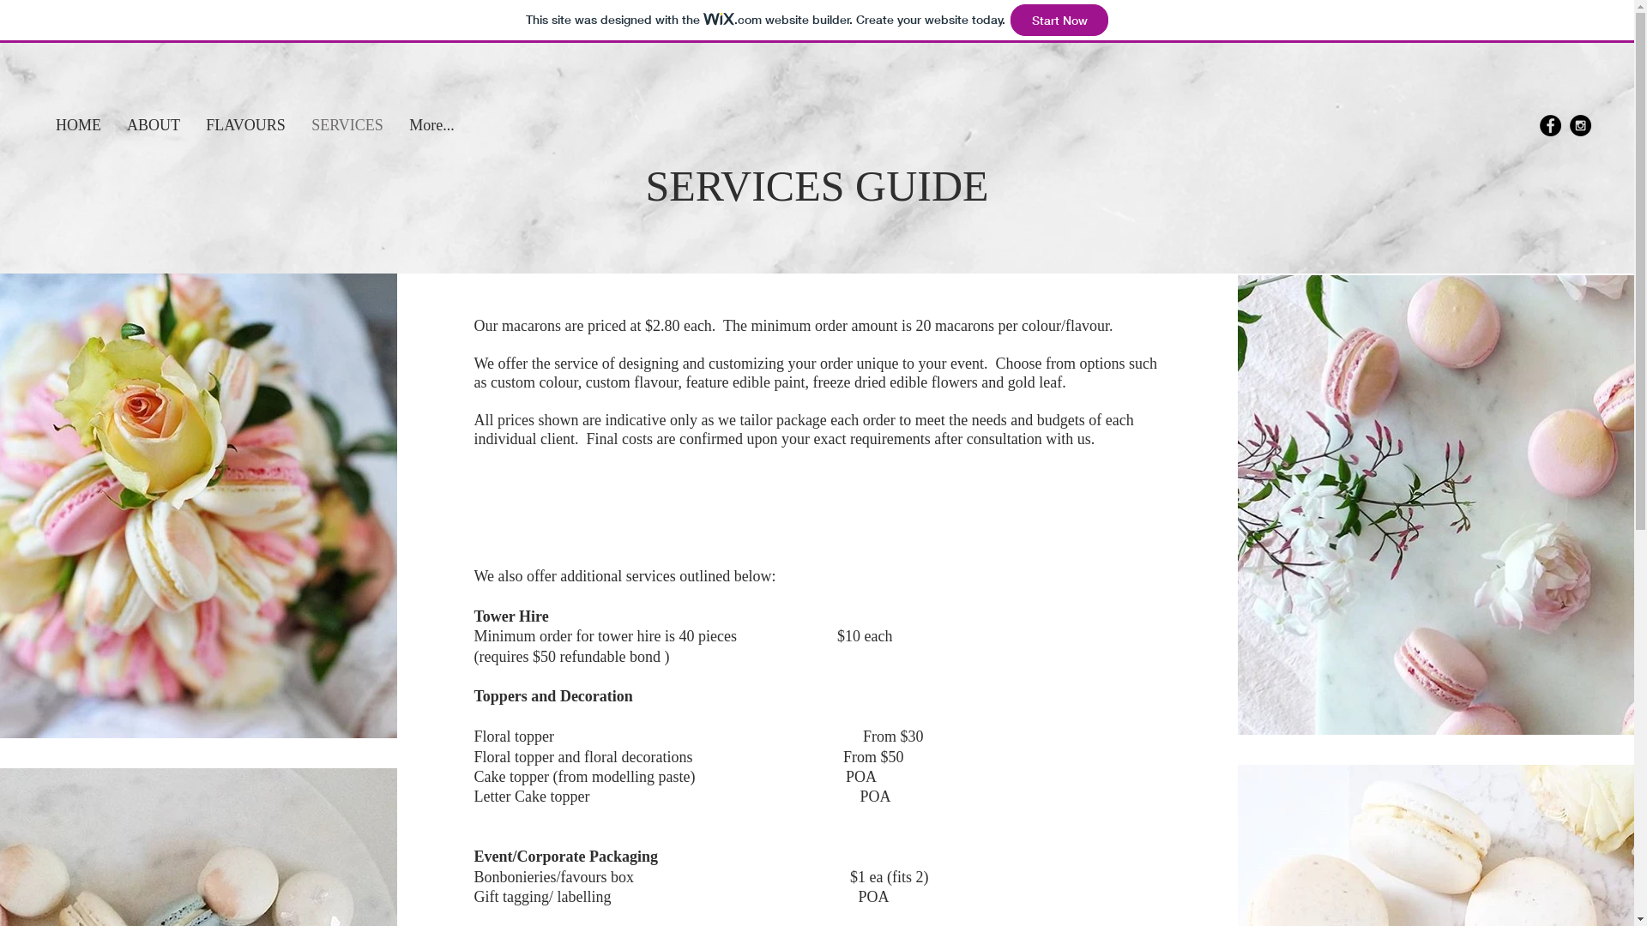  What do you see at coordinates (346, 124) in the screenshot?
I see `'SERVICES'` at bounding box center [346, 124].